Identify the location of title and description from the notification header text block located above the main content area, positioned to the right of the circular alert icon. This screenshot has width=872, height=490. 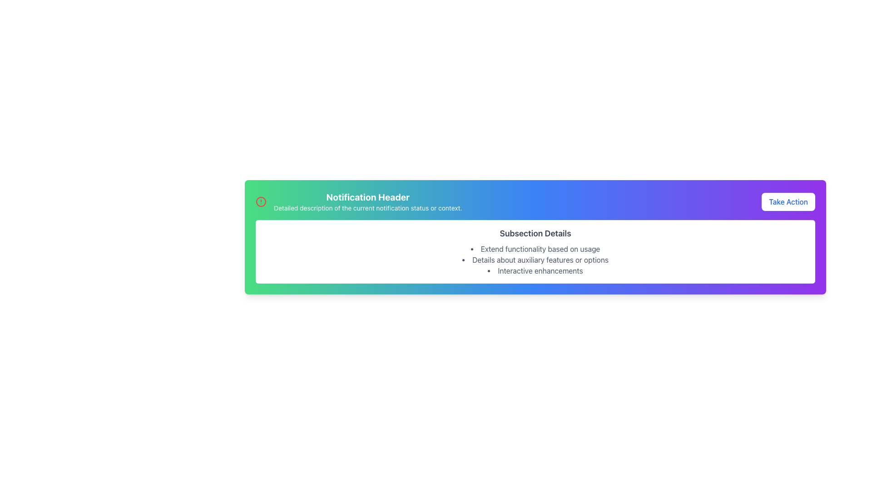
(368, 201).